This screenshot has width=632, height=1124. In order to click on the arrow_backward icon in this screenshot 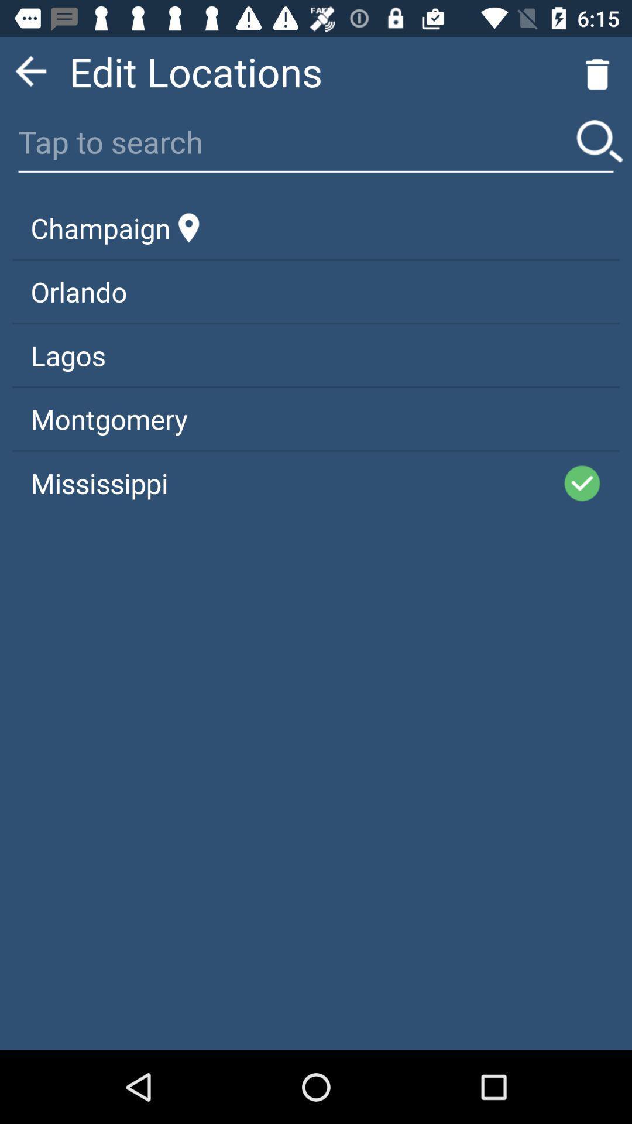, I will do `click(30, 76)`.